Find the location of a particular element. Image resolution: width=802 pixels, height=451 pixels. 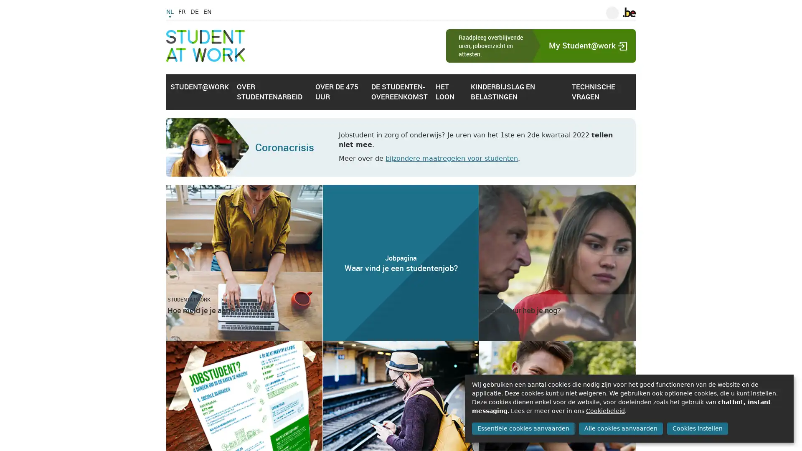

Alle cookies aanvaarden is located at coordinates (620, 428).